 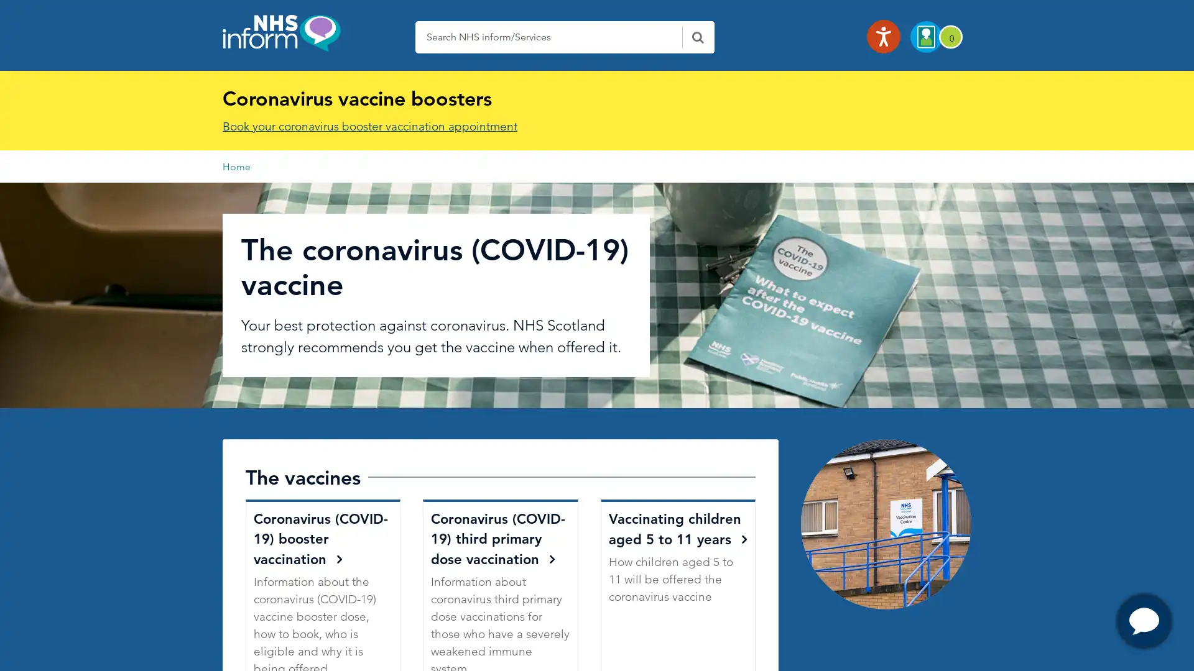 I want to click on OPen Chat, so click(x=1144, y=621).